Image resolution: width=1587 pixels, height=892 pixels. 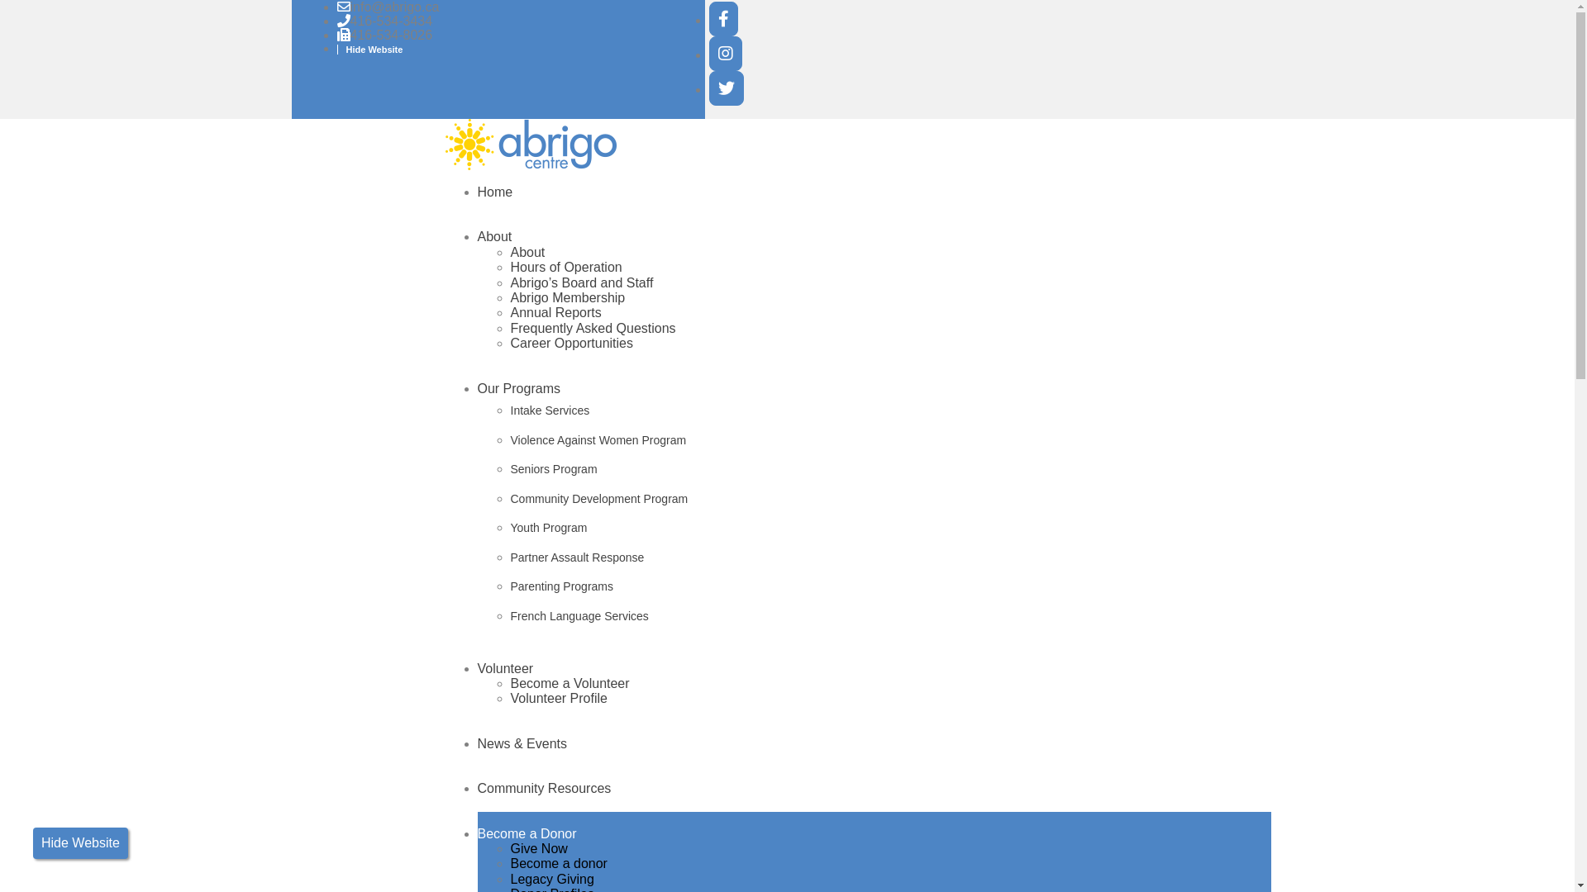 What do you see at coordinates (510, 617) in the screenshot?
I see `'French Language Services'` at bounding box center [510, 617].